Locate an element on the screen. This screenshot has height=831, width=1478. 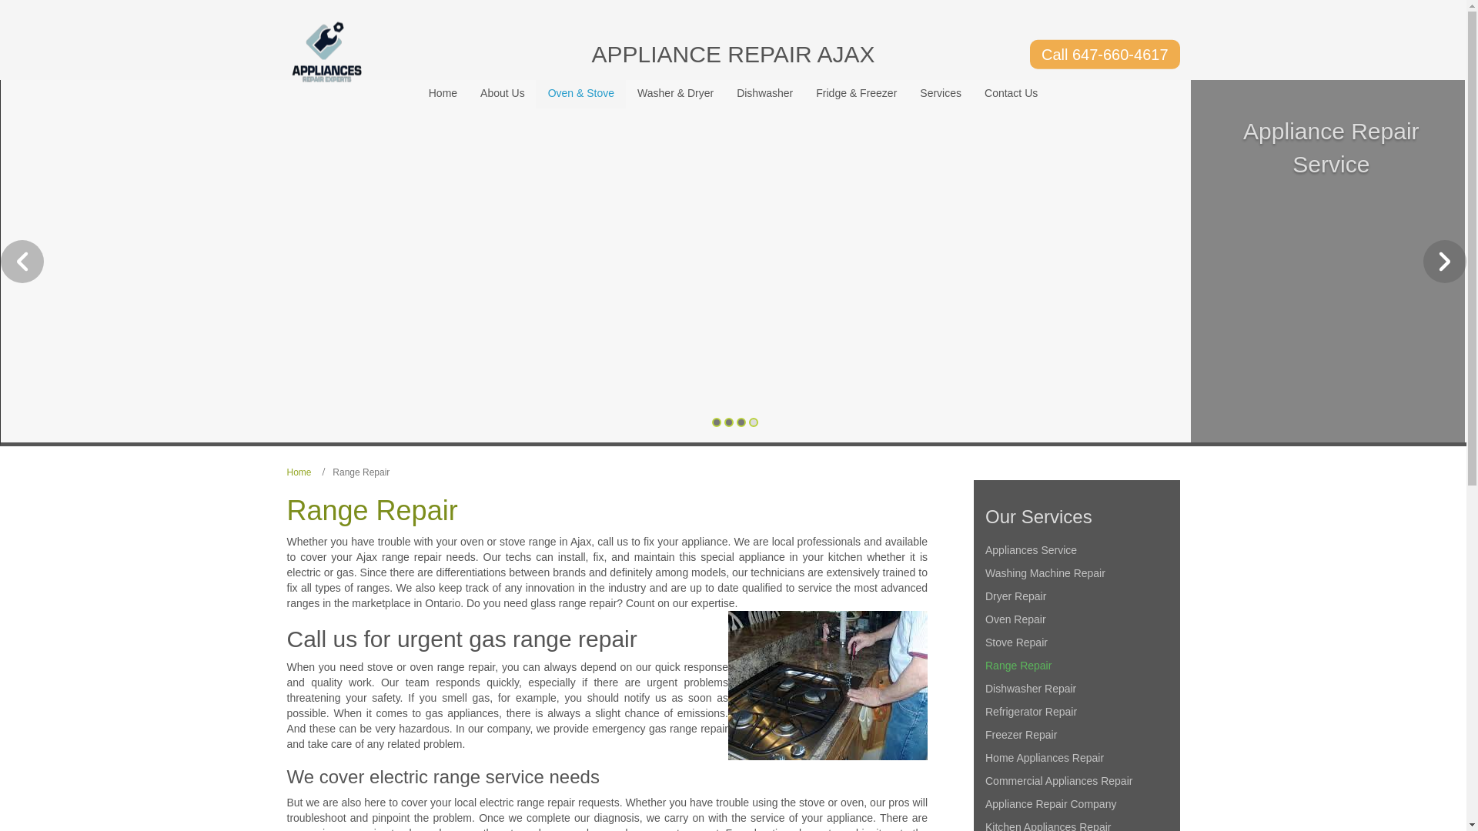
'Dishwasher Repair' is located at coordinates (1075, 687).